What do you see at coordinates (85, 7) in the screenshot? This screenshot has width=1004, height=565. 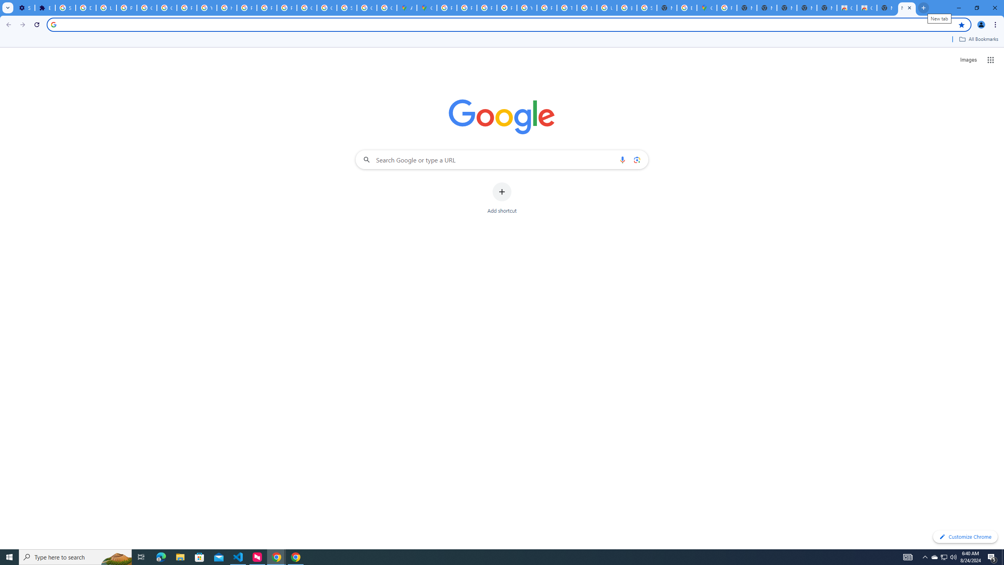 I see `'Delete photos & videos - Computer - Google Photos Help'` at bounding box center [85, 7].